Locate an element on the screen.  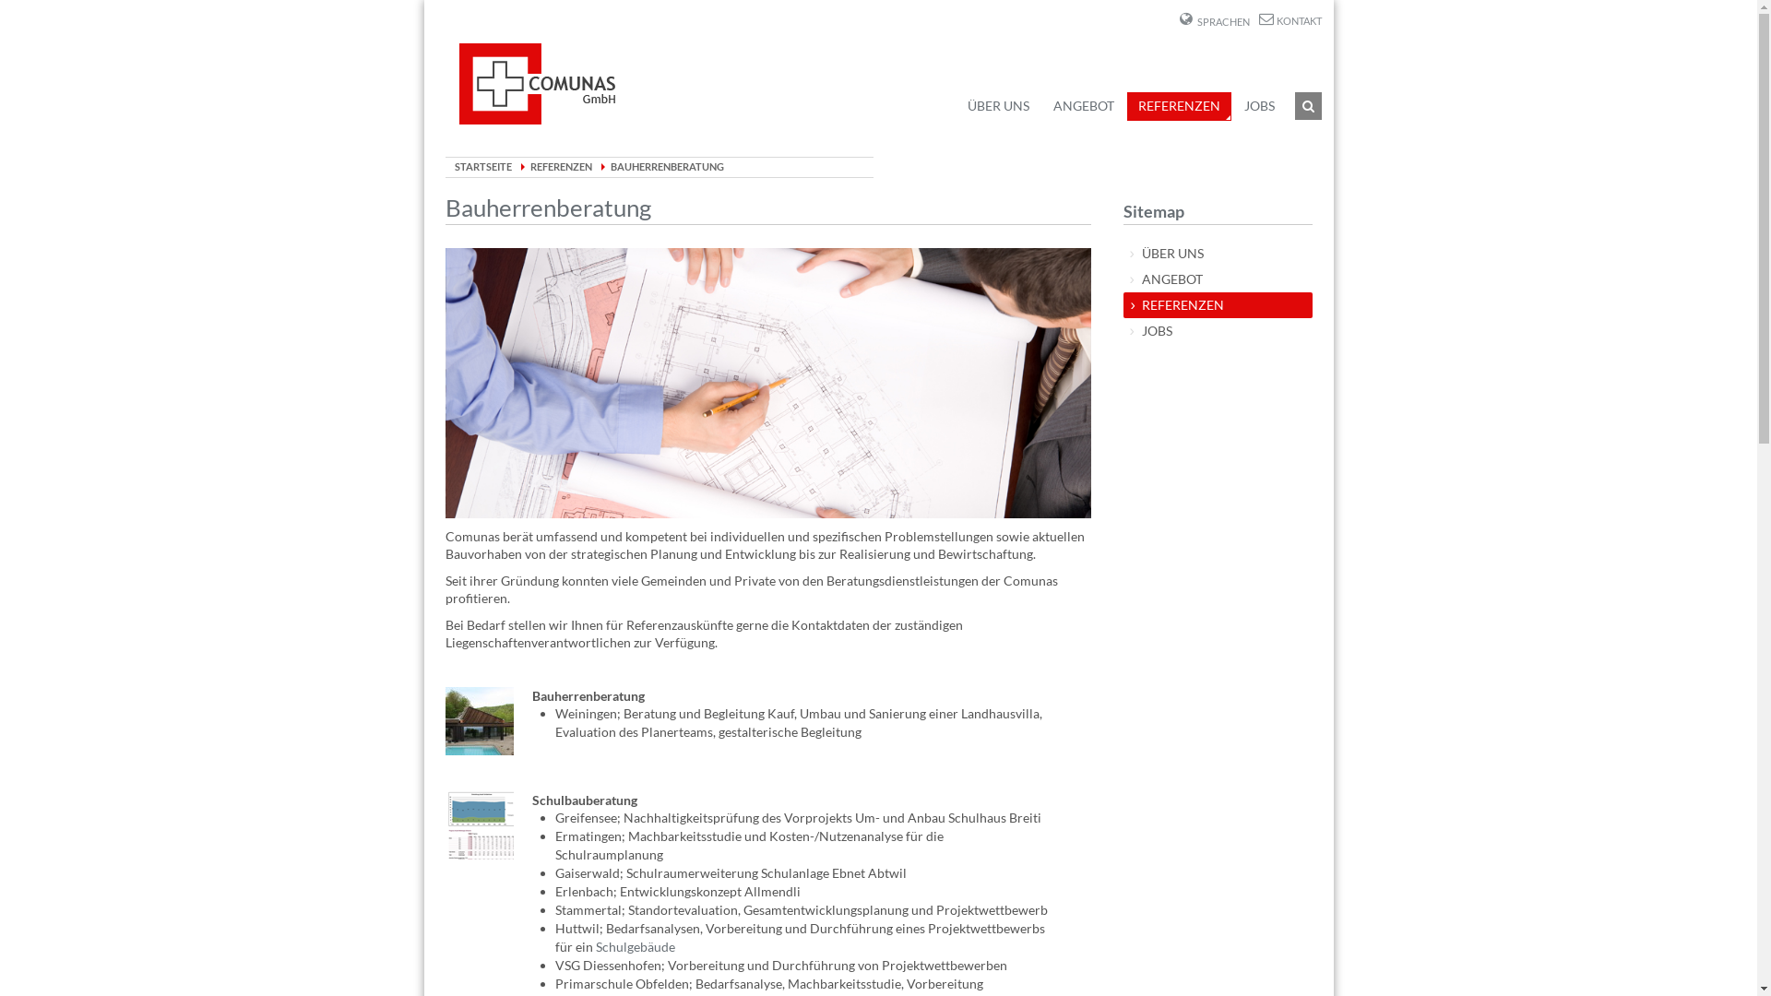
'SPRACHEN' is located at coordinates (1213, 21).